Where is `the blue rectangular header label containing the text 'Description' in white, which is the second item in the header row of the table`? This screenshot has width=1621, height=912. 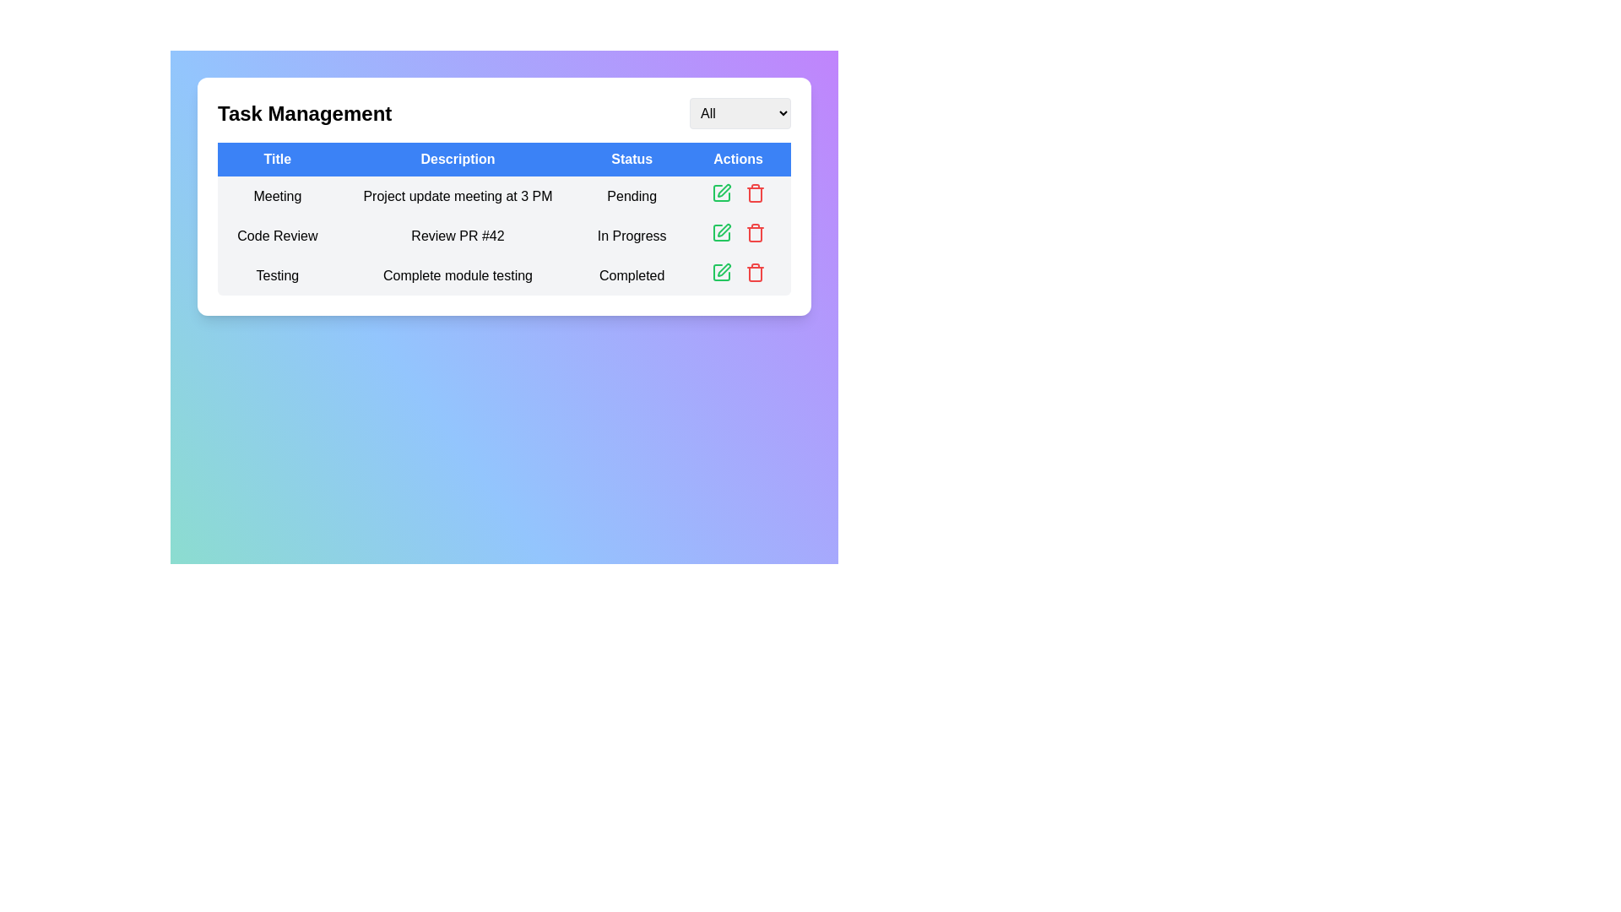 the blue rectangular header label containing the text 'Description' in white, which is the second item in the header row of the table is located at coordinates (458, 160).